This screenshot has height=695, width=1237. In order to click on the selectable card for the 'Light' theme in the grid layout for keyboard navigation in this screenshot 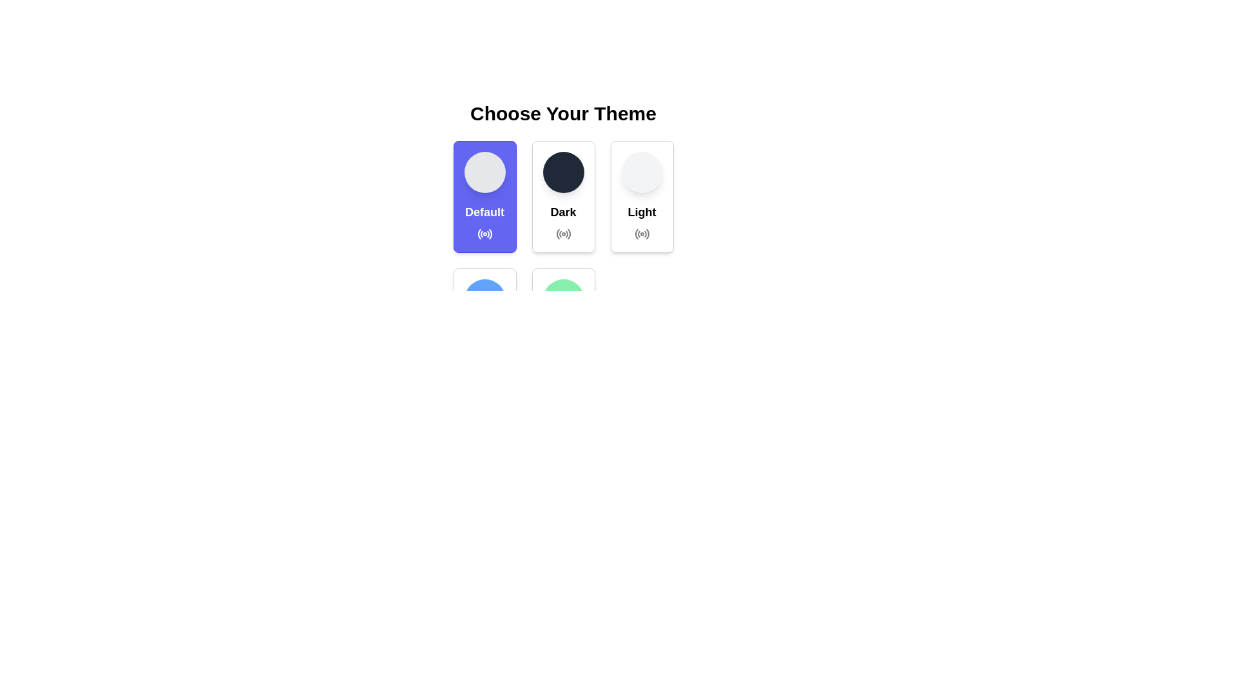, I will do `click(642, 196)`.